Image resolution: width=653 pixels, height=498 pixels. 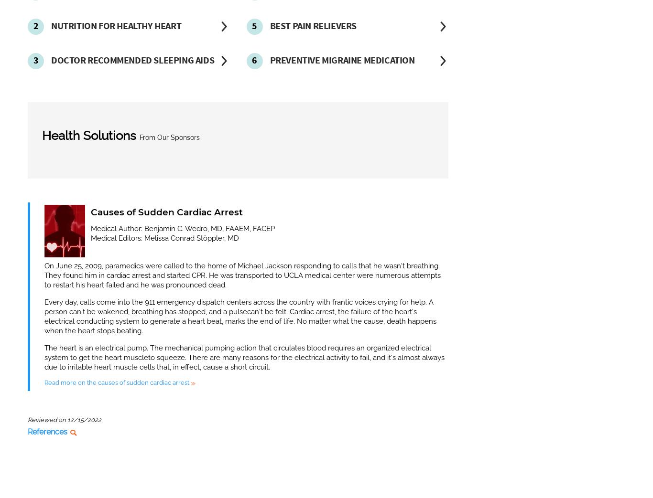 What do you see at coordinates (240, 315) in the screenshot?
I see `'Every day, calls come into the 911 emergency dispatch centers across the 
country with frantic voices crying for help. A person can't be wakened, 
breathing has stopped, and a pulsecan't be felt. Cardiac arrest, the failure of 
the heart's electrical conducting system to generate a heart beat, marks the end 
of life. No matter what the cause, death happens when the heart stops beating.'` at bounding box center [240, 315].